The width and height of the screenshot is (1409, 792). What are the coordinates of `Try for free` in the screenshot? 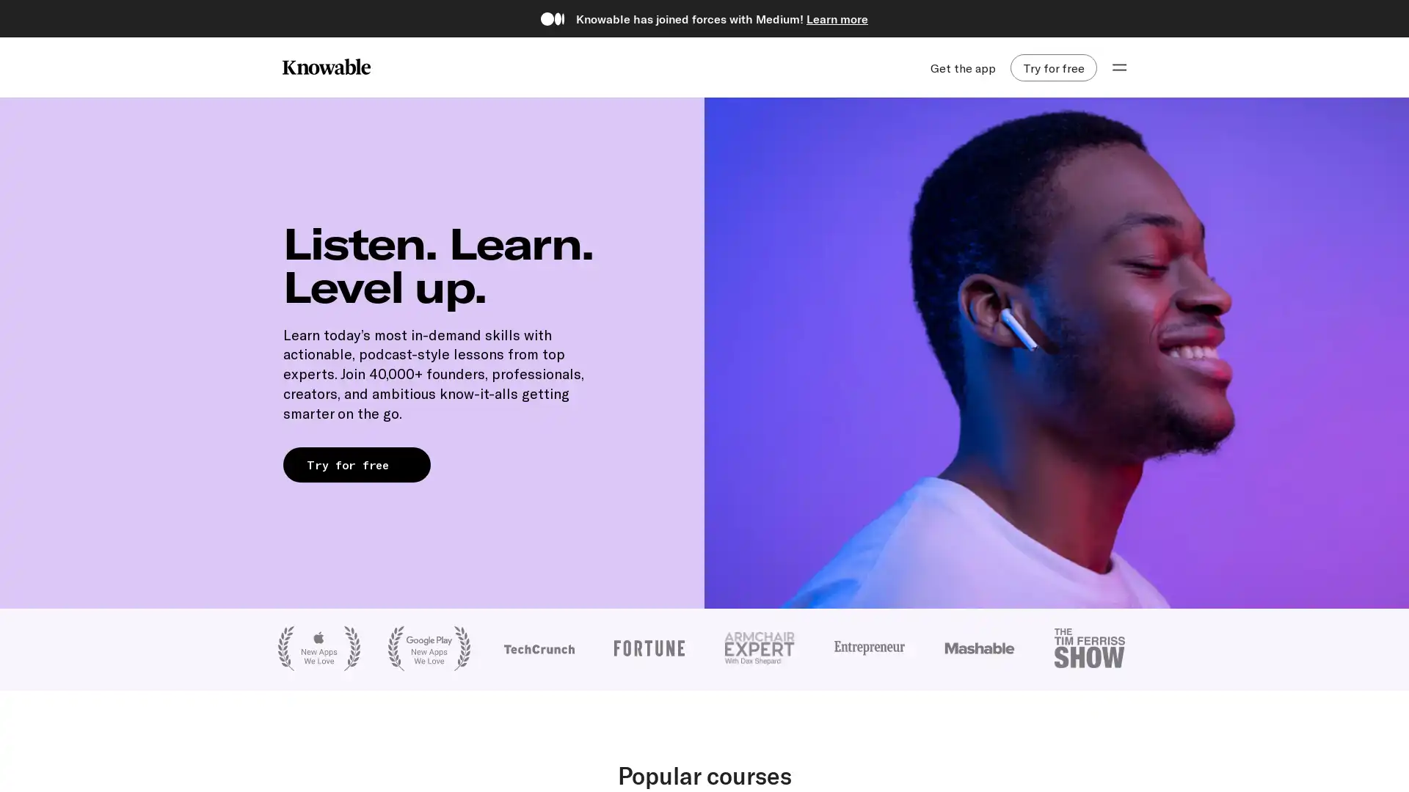 It's located at (356, 463).